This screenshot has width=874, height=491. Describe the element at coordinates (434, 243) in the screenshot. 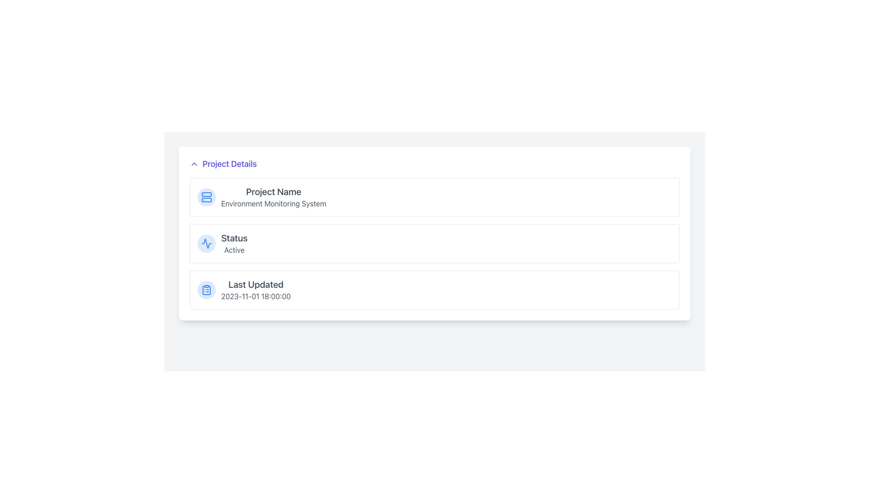

I see `the Information Display Block that shows the 'Status' label in bold and the text 'Active' below it, located between the 'Project Name' and 'Last Updated' sections` at that location.